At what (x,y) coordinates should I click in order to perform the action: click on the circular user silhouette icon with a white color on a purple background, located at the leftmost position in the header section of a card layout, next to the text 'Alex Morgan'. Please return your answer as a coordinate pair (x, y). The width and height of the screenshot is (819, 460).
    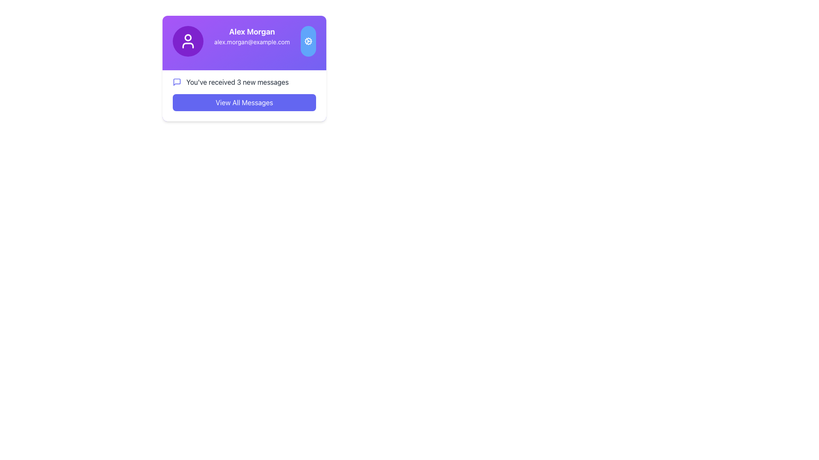
    Looking at the image, I should click on (188, 41).